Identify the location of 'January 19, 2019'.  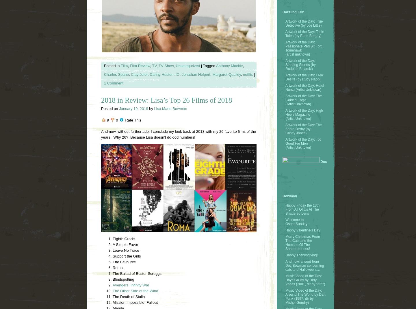
(118, 108).